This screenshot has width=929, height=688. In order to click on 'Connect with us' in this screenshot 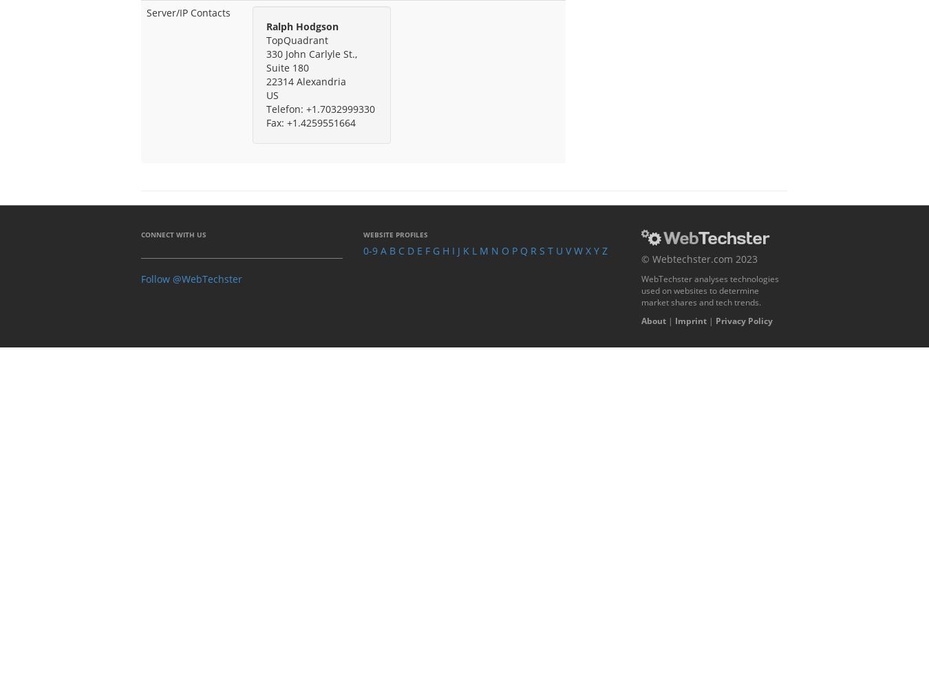, I will do `click(173, 233)`.